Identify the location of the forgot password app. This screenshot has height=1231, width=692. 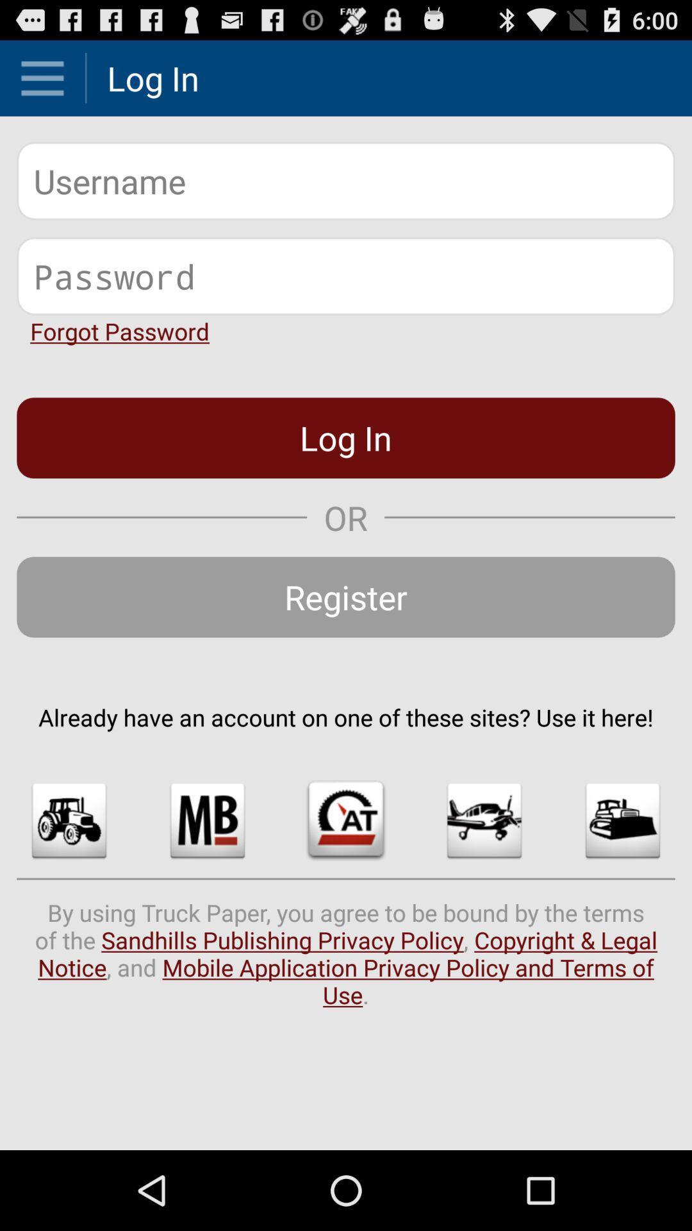
(120, 331).